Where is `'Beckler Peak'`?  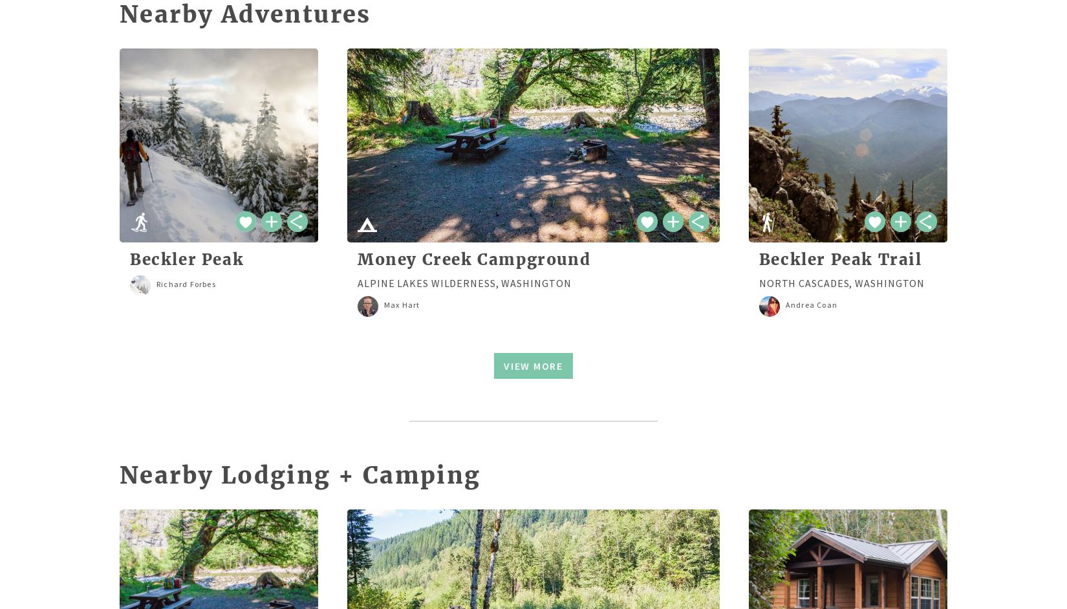 'Beckler Peak' is located at coordinates (187, 259).